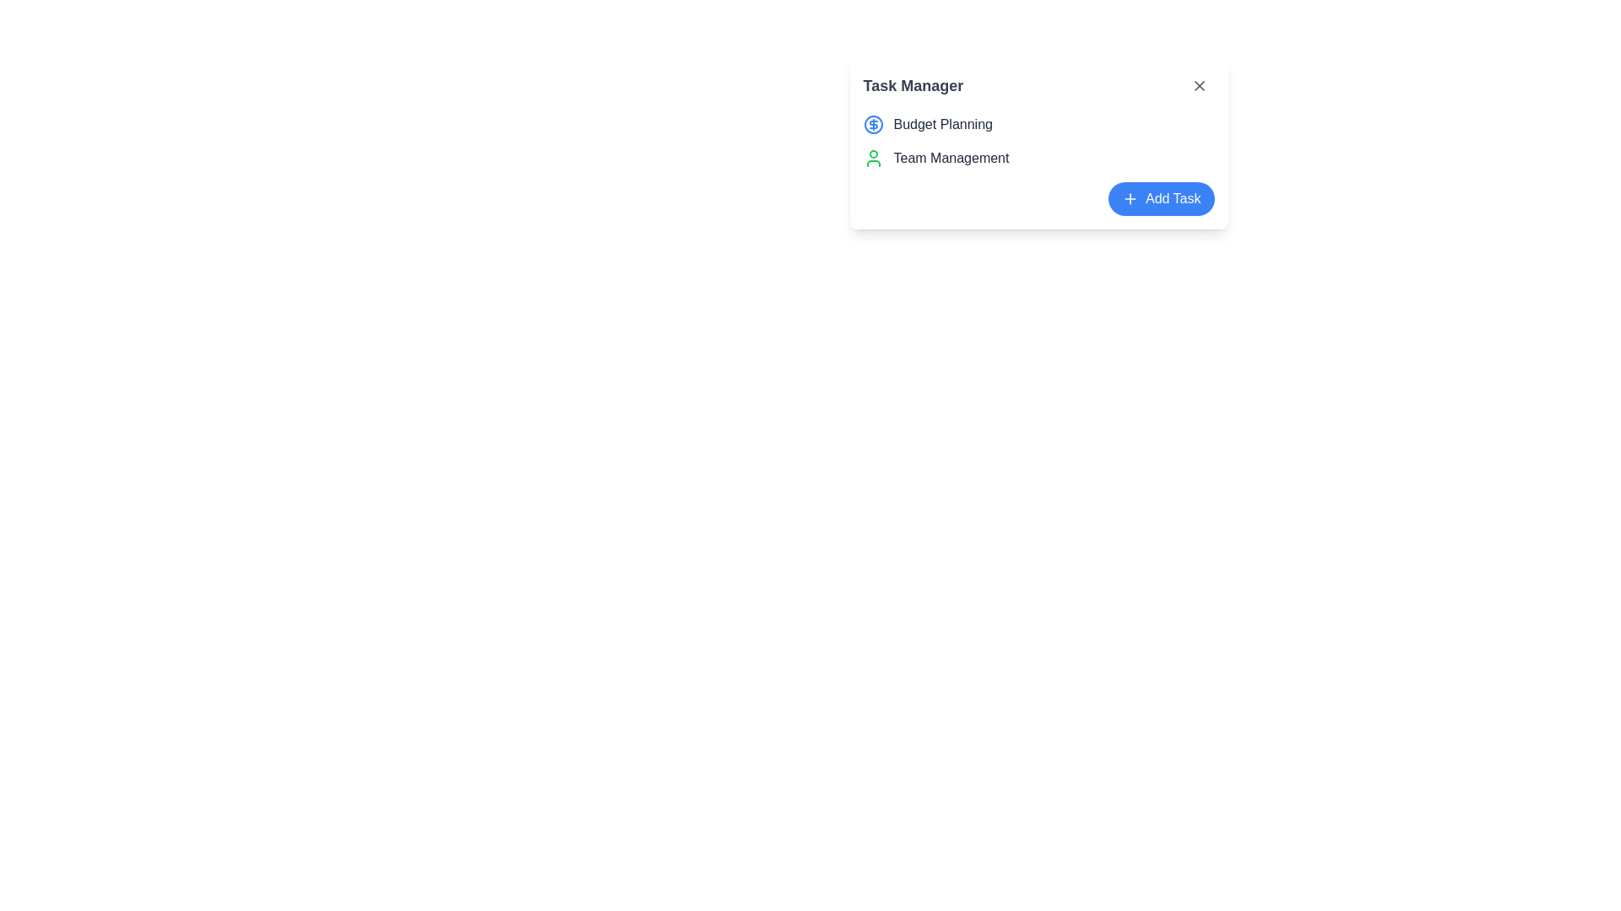 The width and height of the screenshot is (1621, 911). Describe the element at coordinates (1198, 85) in the screenshot. I see `the close icon button located in the top-right corner of the 'Task Manager' card` at that location.